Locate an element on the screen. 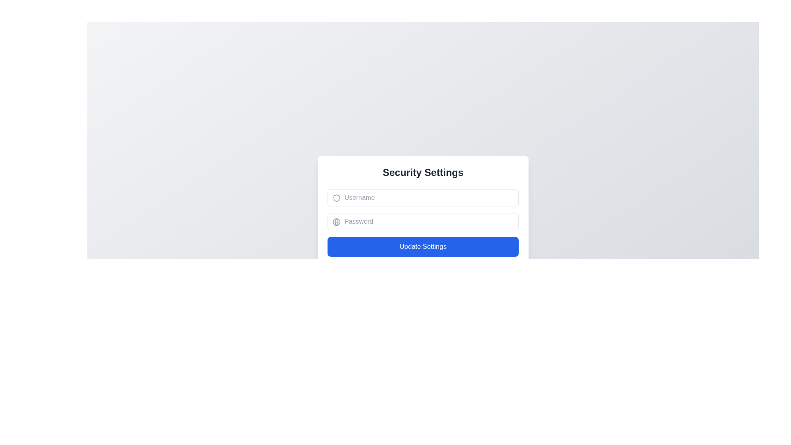  the rectangular blue button labeled 'Update Settings' is located at coordinates (423, 246).